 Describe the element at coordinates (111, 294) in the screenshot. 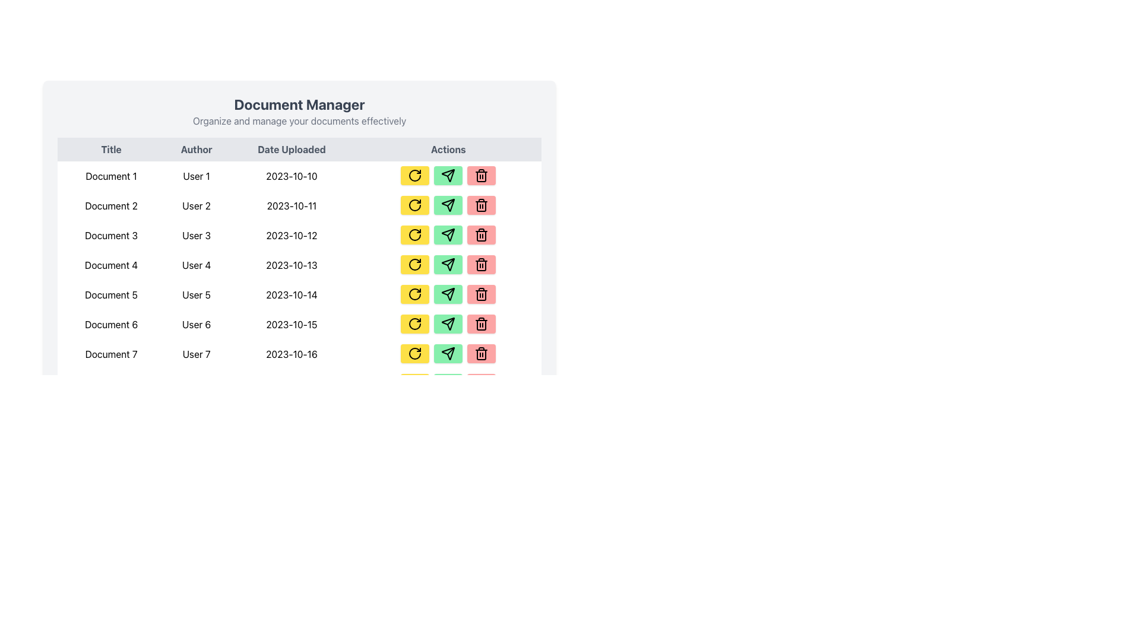

I see `the Text Label indicating the title of the document in the fifth row of the table under the 'Title' column, positioned to the left of 'User 5'` at that location.